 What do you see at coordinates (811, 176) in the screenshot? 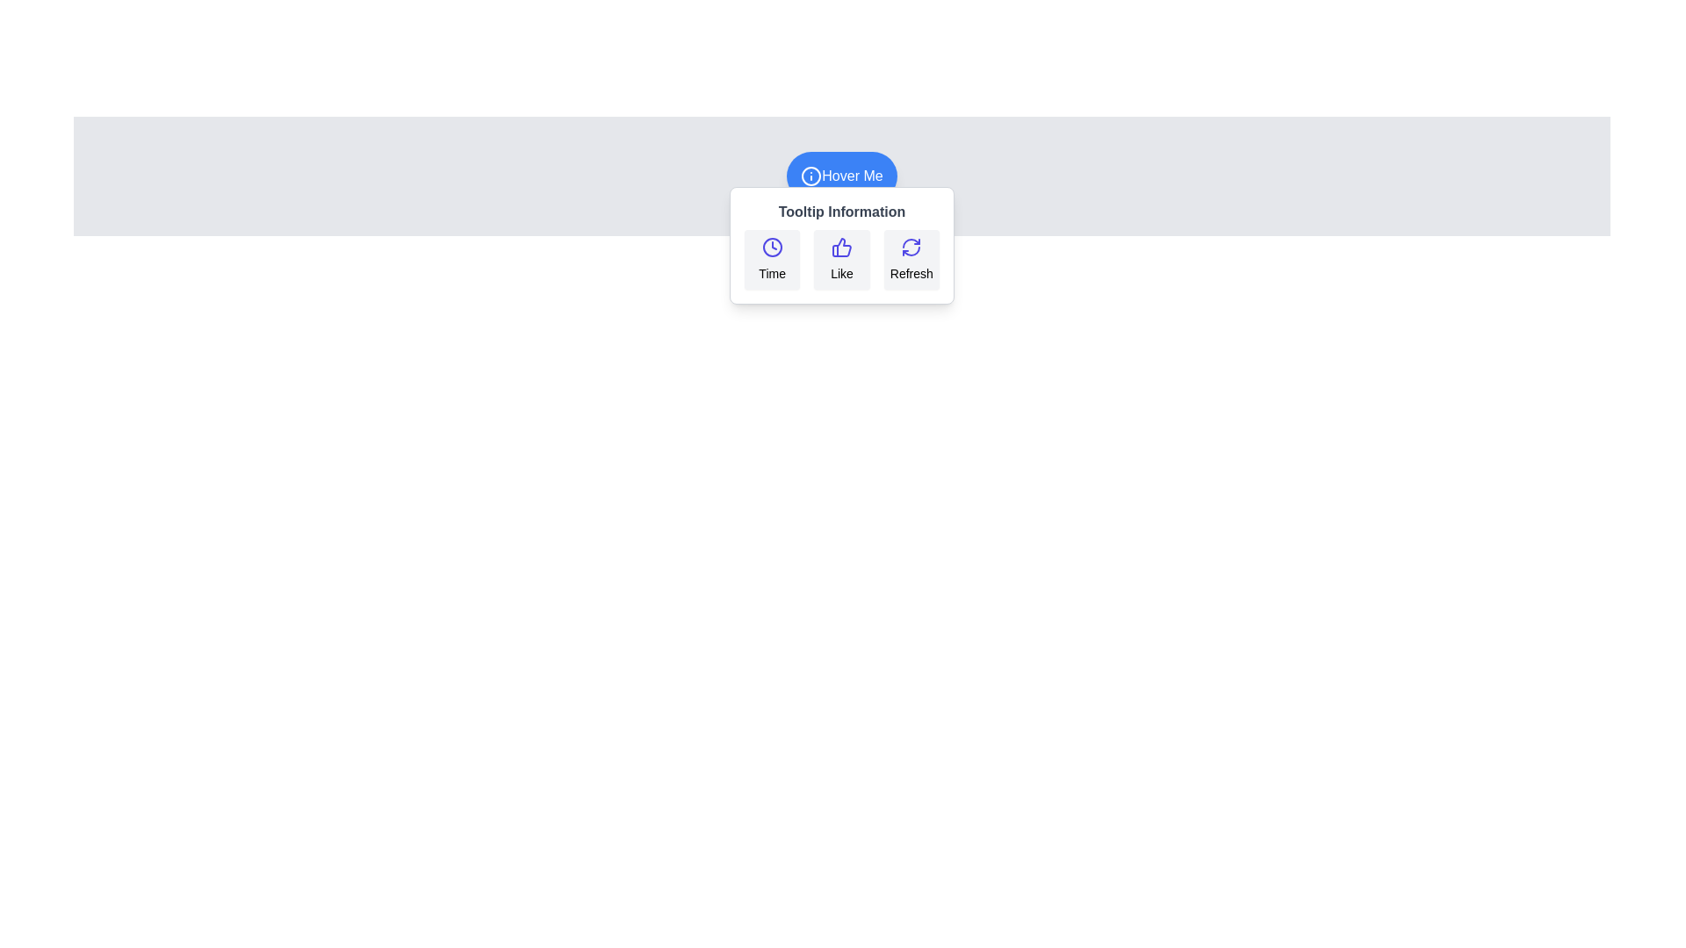
I see `the circular SVG graphical element within the tooltip that contains the text 'Hover Me' in a blue bubble` at bounding box center [811, 176].